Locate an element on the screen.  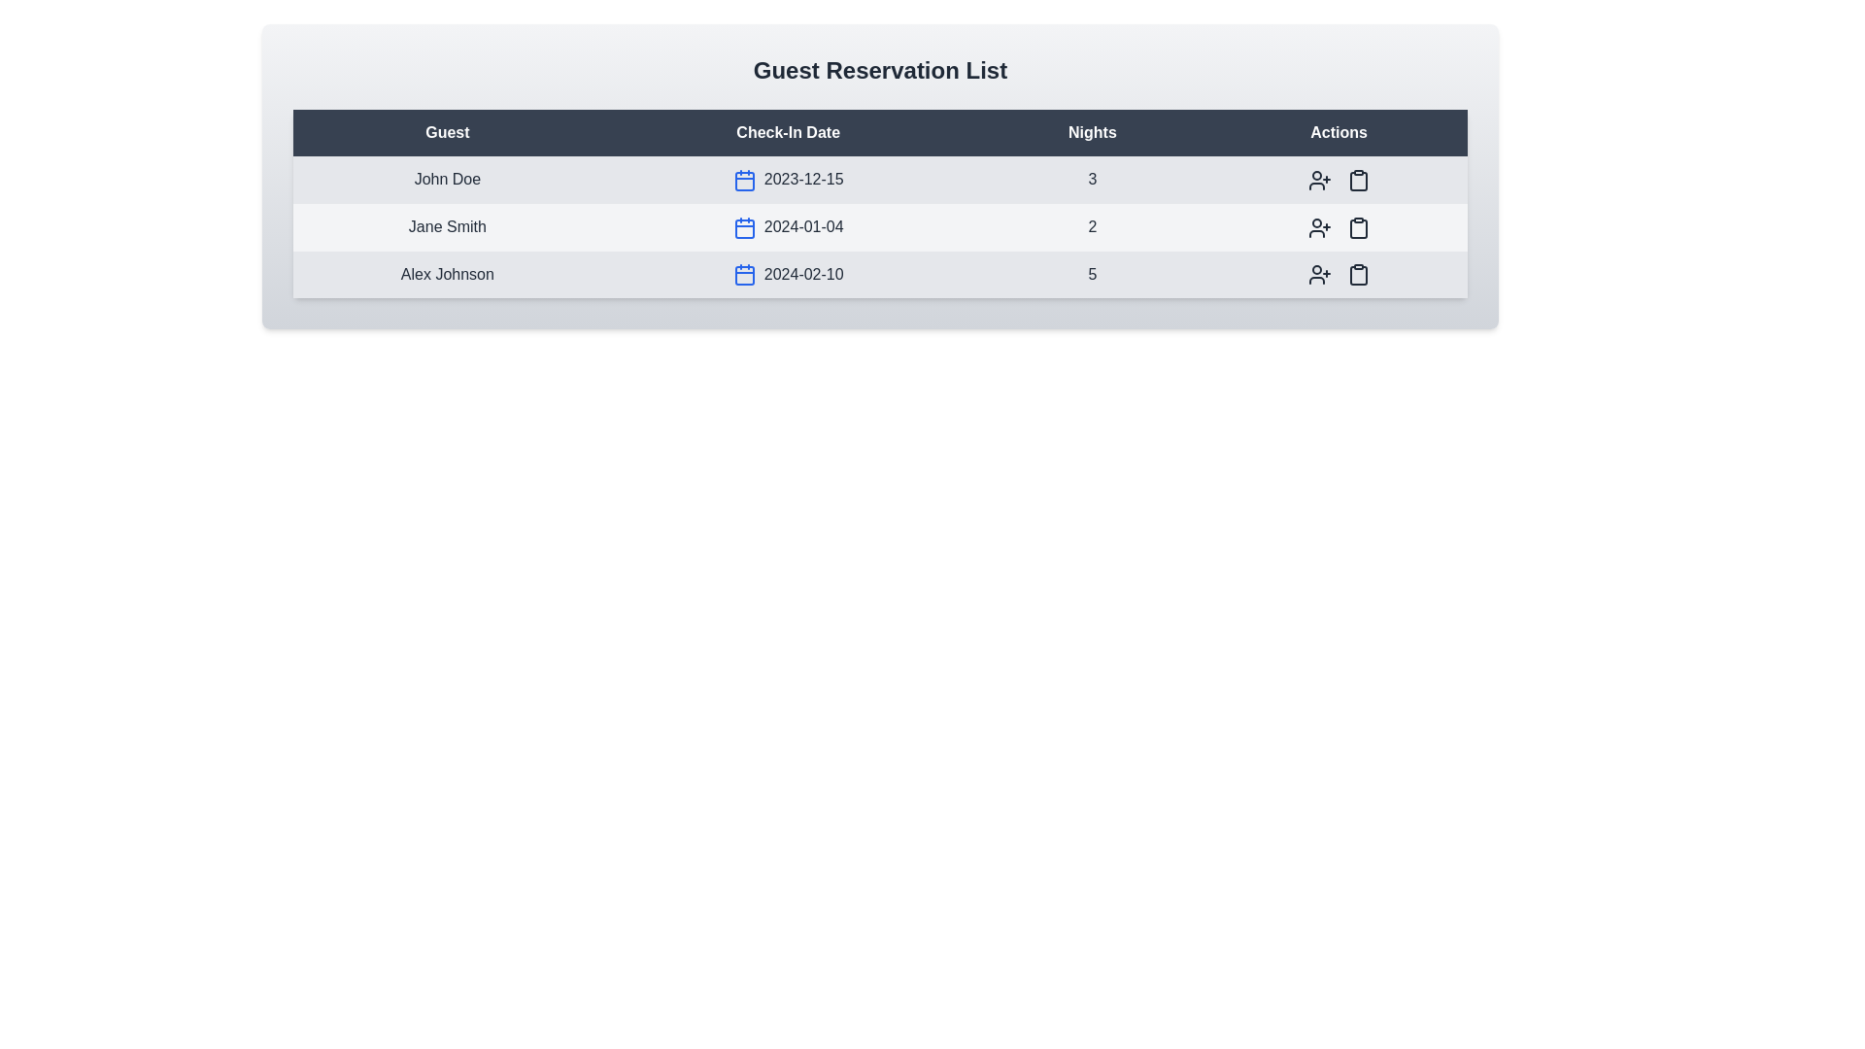
the icon button located in the third row of the table under the 'Actions' column is located at coordinates (1319, 275).